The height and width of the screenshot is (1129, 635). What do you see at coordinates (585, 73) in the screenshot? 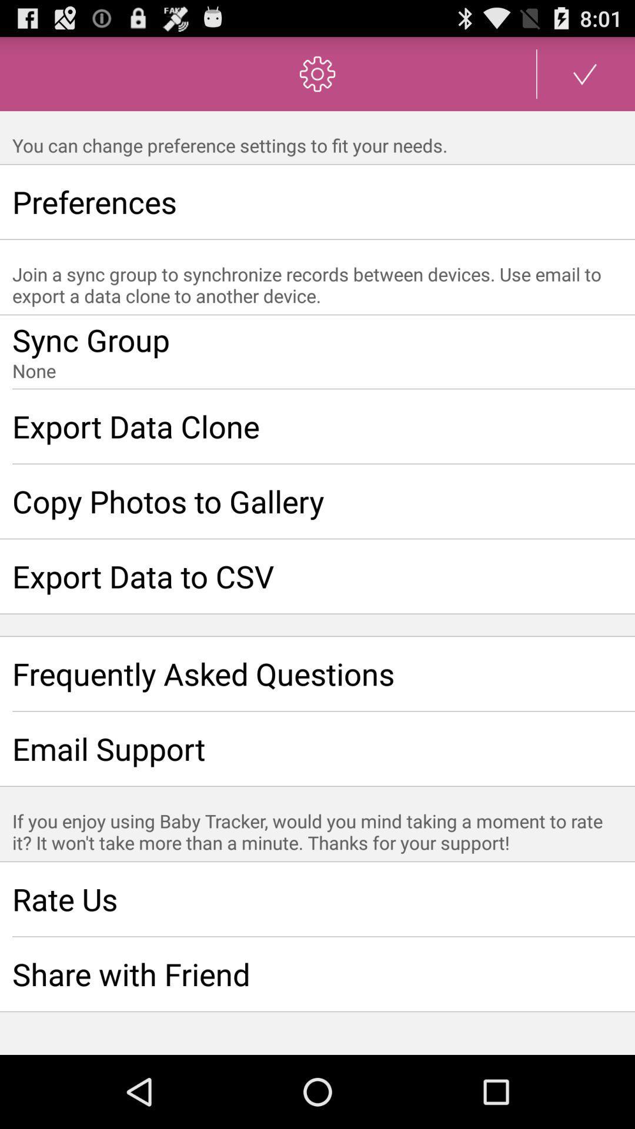
I see `switch save` at bounding box center [585, 73].